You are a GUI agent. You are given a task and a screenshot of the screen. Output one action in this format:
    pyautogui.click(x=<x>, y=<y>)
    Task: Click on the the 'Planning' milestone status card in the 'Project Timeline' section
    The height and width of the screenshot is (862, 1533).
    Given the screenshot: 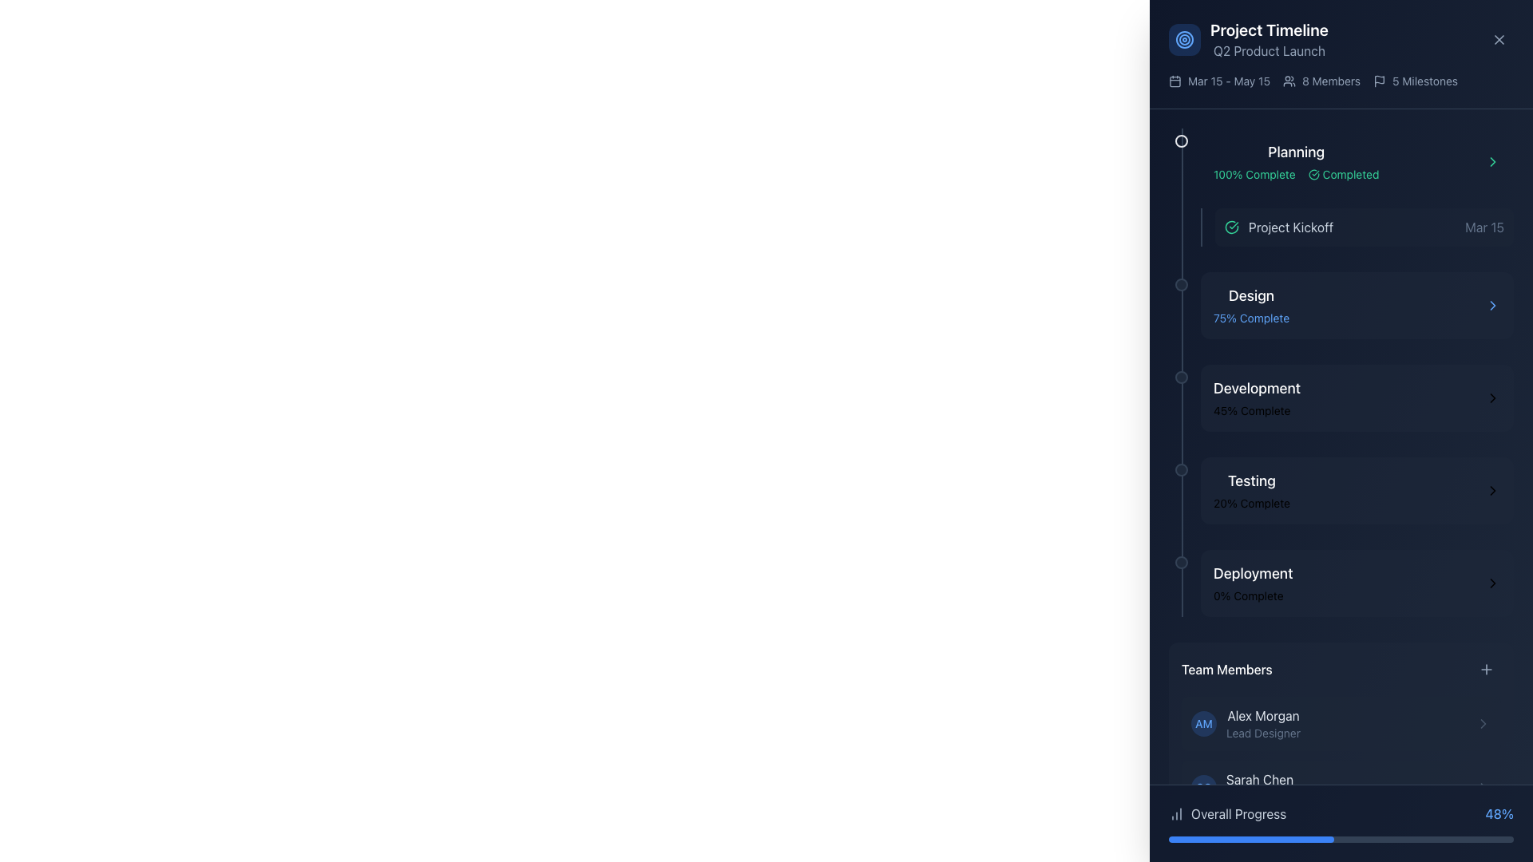 What is the action you would take?
    pyautogui.click(x=1356, y=162)
    